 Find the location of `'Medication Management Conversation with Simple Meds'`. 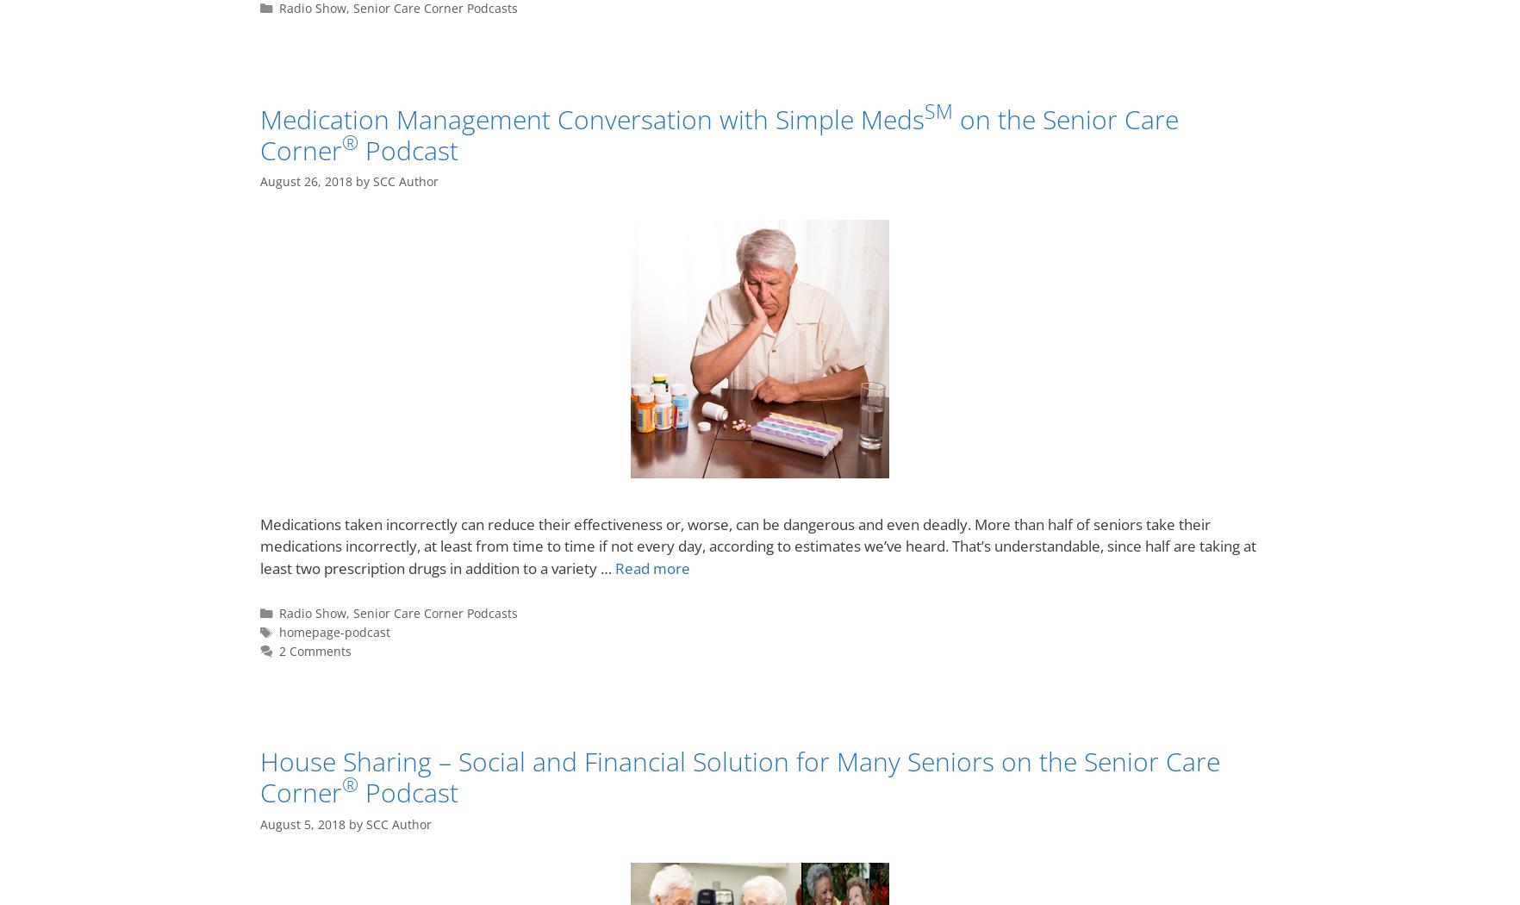

'Medication Management Conversation with Simple Meds' is located at coordinates (592, 117).